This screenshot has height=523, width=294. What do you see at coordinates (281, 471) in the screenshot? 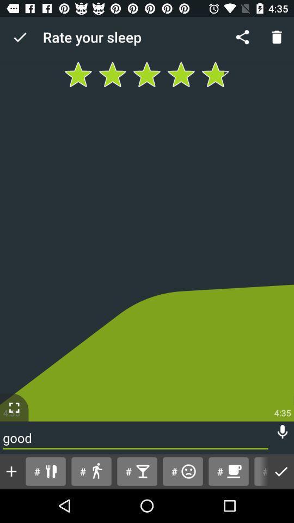
I see `finish rating sleep` at bounding box center [281, 471].